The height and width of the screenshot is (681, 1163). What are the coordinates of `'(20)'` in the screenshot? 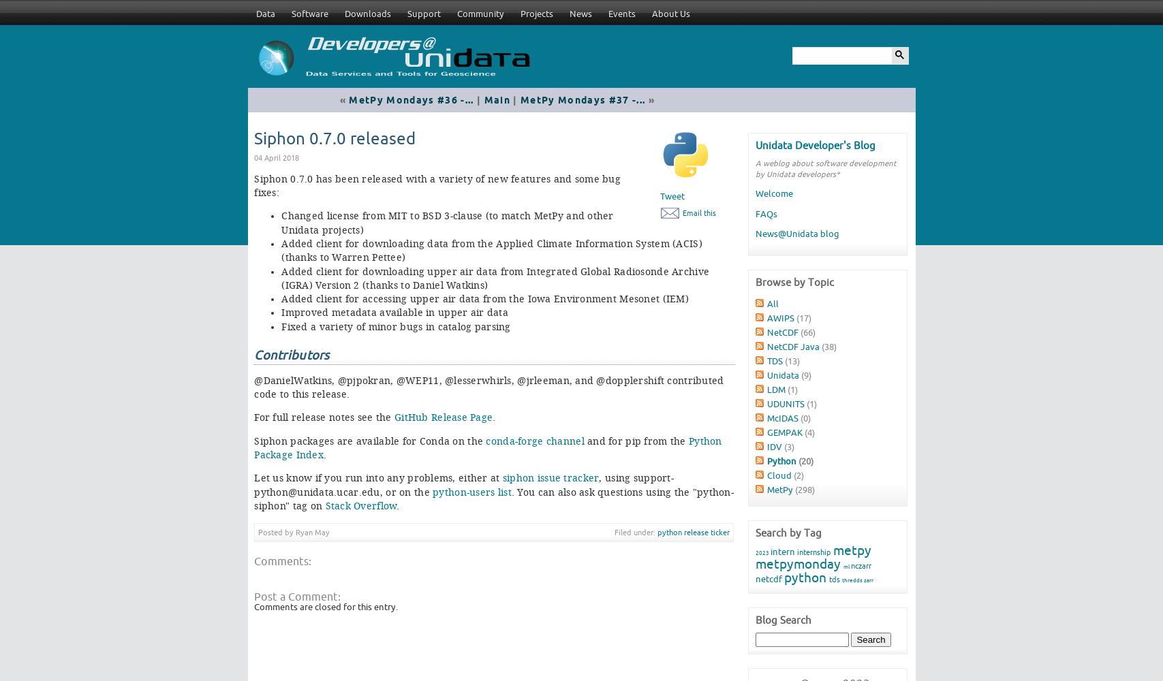 It's located at (804, 460).